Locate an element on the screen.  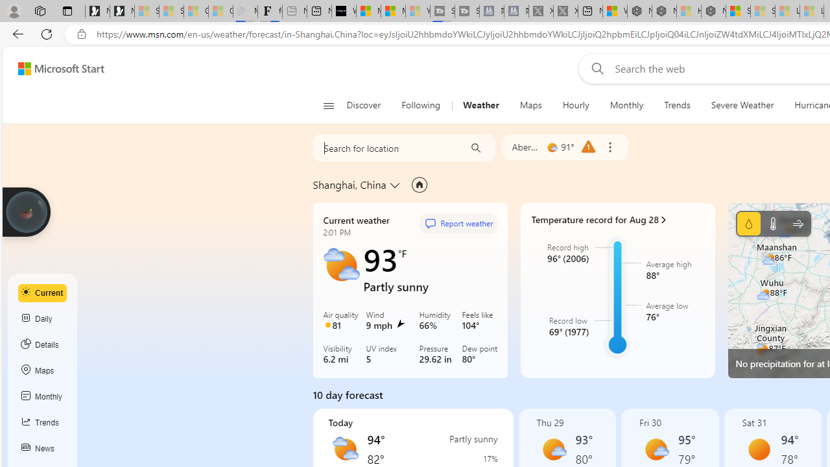
'Current' is located at coordinates (42, 293).